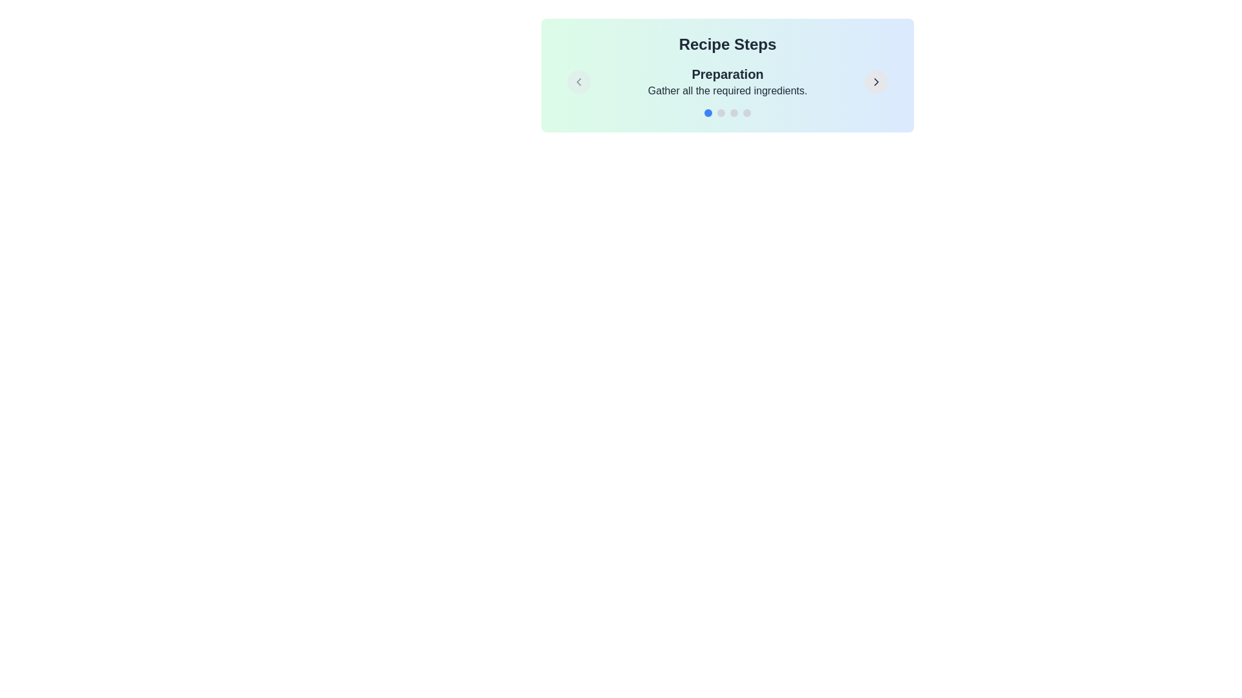 Image resolution: width=1242 pixels, height=698 pixels. I want to click on the right-pointing arrow icon within the circular button on the right side of the 'Recipe Steps' card, so click(876, 82).